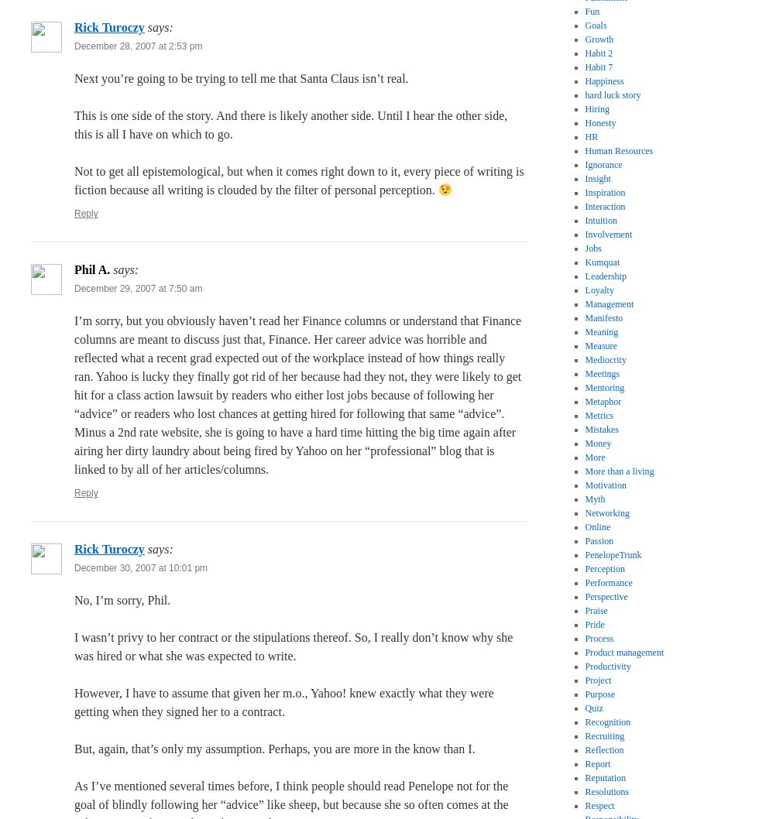 The height and width of the screenshot is (819, 759). Describe the element at coordinates (584, 624) in the screenshot. I see `'Pride'` at that location.